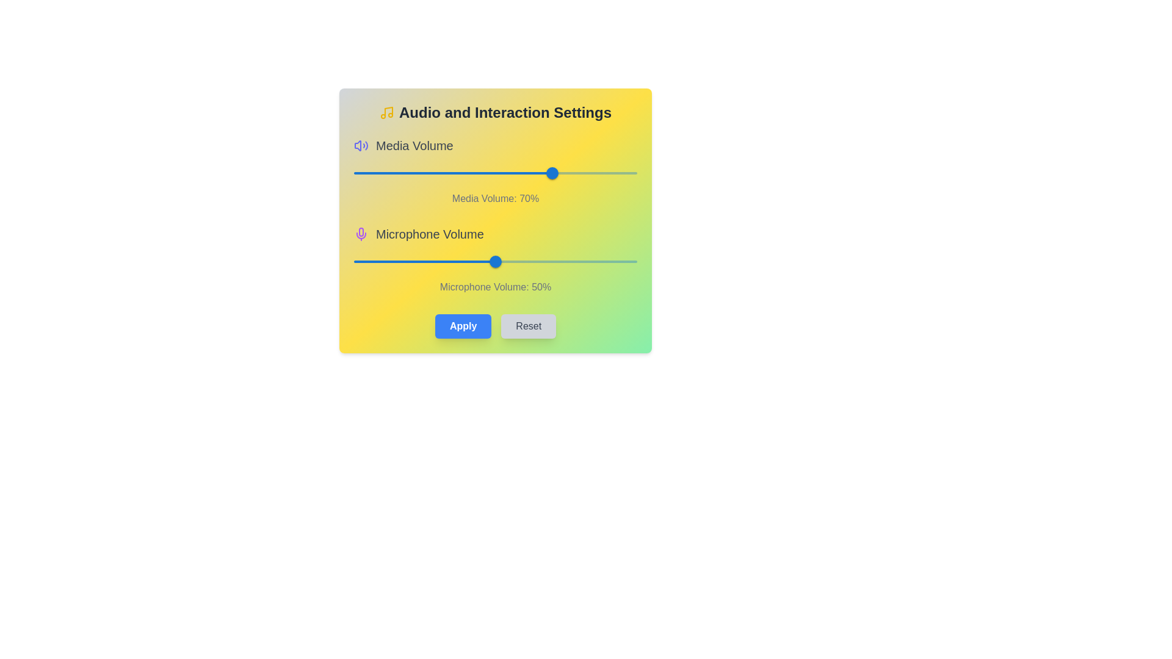 Image resolution: width=1172 pixels, height=659 pixels. What do you see at coordinates (370, 173) in the screenshot?
I see `the slider value` at bounding box center [370, 173].